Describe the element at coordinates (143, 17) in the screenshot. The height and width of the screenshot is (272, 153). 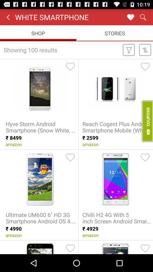
I see `search` at that location.